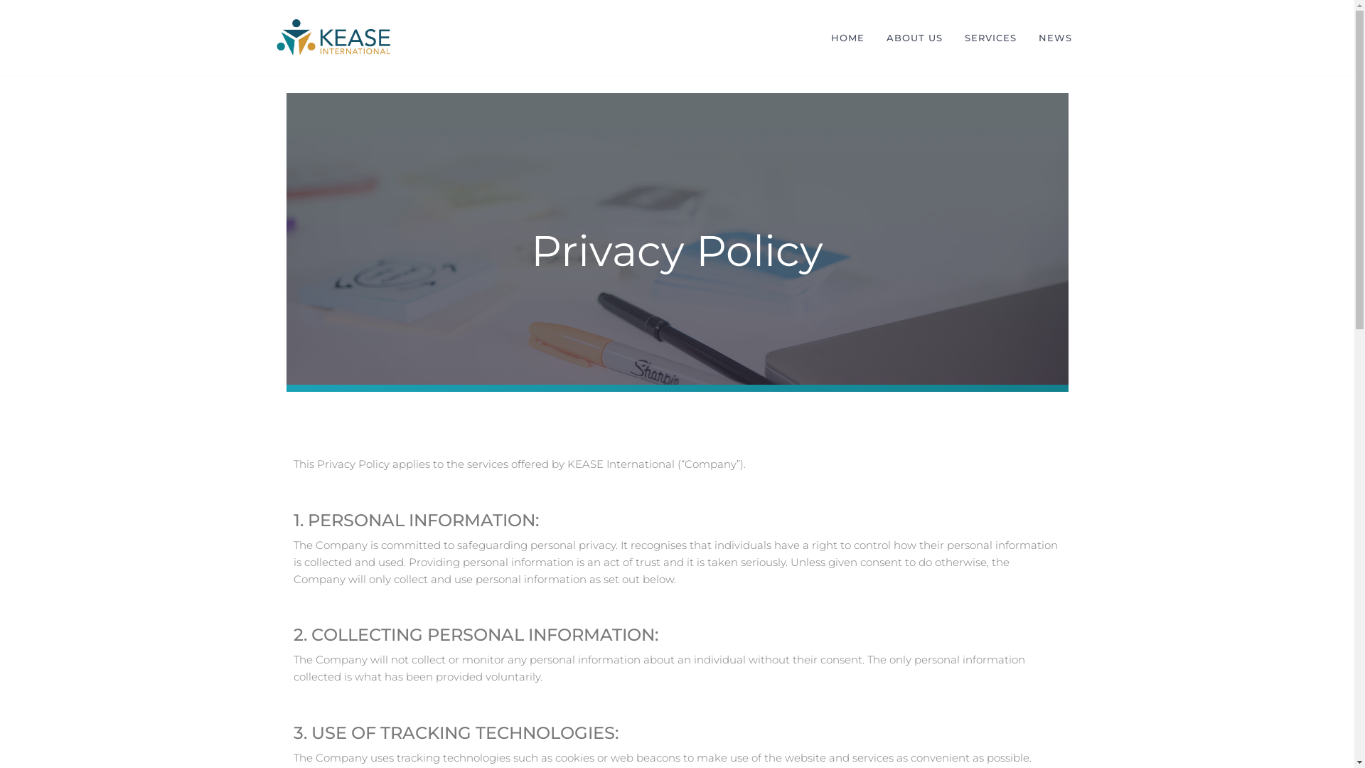 The width and height of the screenshot is (1365, 768). Describe the element at coordinates (820, 37) in the screenshot. I see `'HOME'` at that location.